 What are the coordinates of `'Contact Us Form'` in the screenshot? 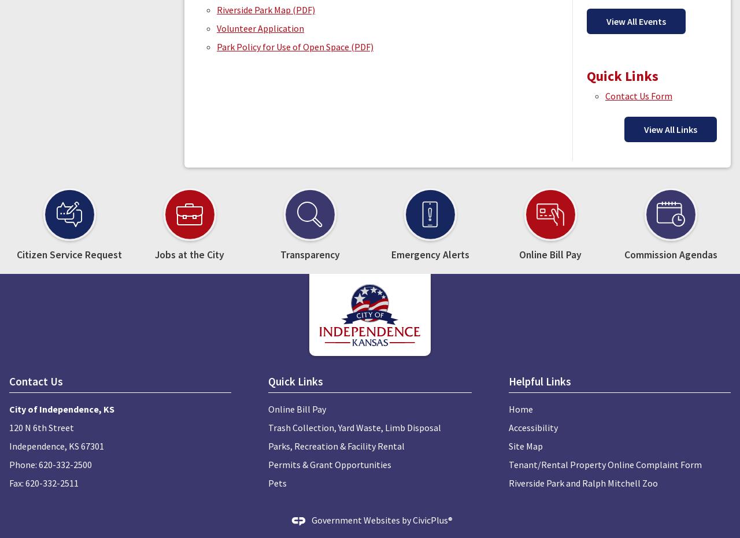 It's located at (638, 94).